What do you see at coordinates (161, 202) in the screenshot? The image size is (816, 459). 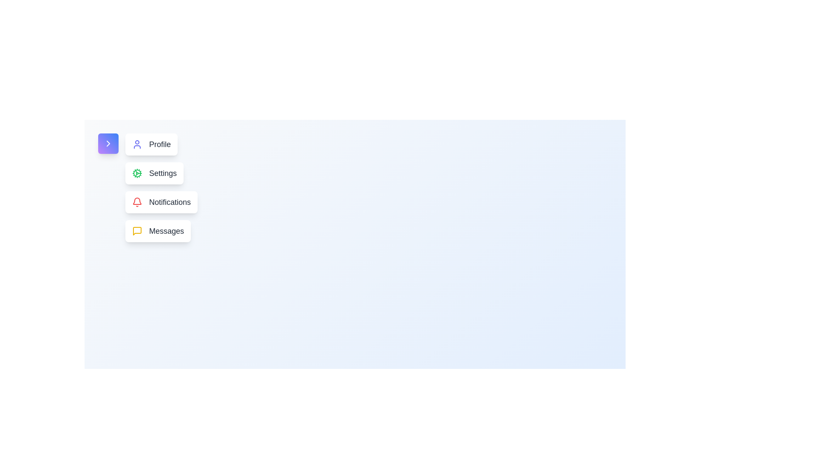 I see `the 'Notifications' button` at bounding box center [161, 202].